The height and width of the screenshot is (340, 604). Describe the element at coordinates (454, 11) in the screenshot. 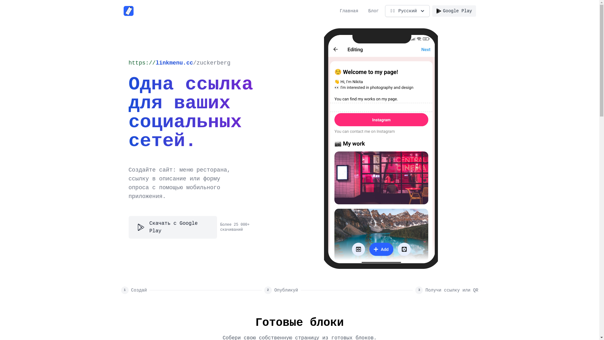

I see `'Google Play'` at that location.